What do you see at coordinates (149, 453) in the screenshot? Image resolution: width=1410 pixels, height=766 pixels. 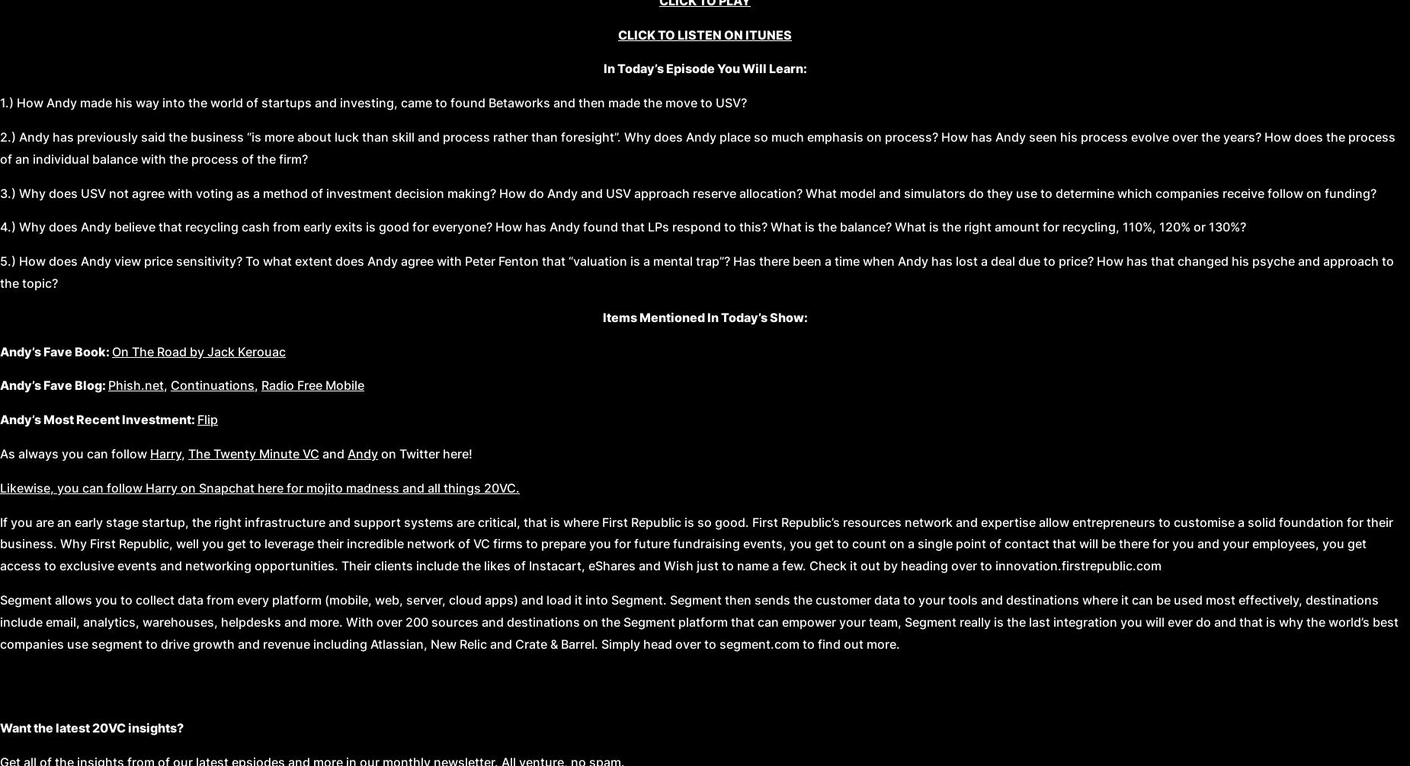 I see `'Harry'` at bounding box center [149, 453].